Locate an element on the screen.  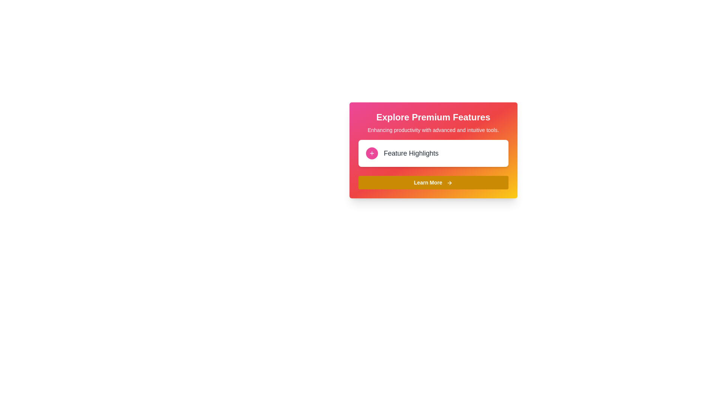
the text label that introduces or highlights a specific feature section, located directly to the right of a pink circular button with a white plus sign and below the 'Explore Premium Features' heading is located at coordinates (411, 153).